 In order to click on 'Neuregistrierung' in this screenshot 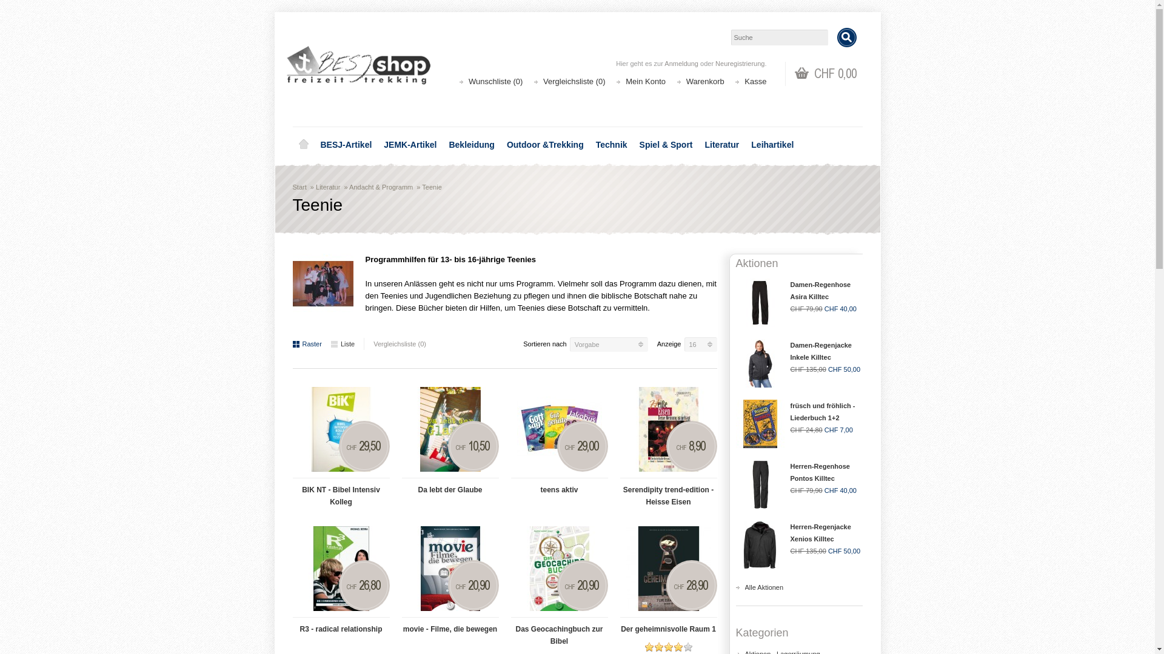, I will do `click(739, 63)`.